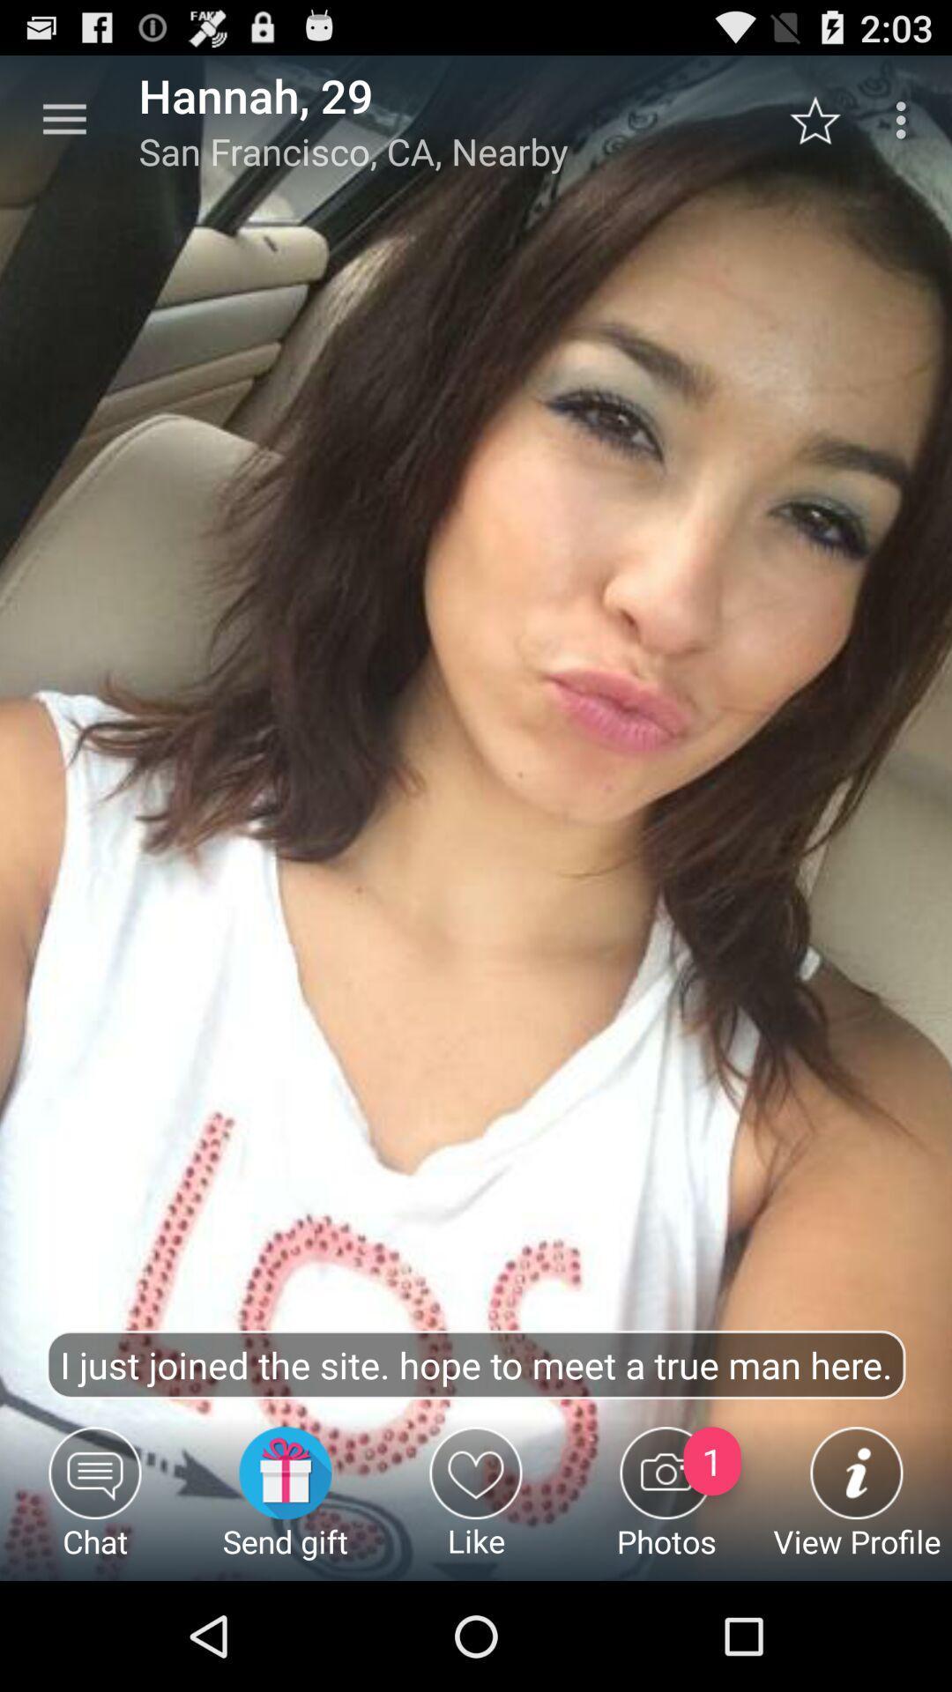  I want to click on the icon above i just joined icon, so click(63, 119).